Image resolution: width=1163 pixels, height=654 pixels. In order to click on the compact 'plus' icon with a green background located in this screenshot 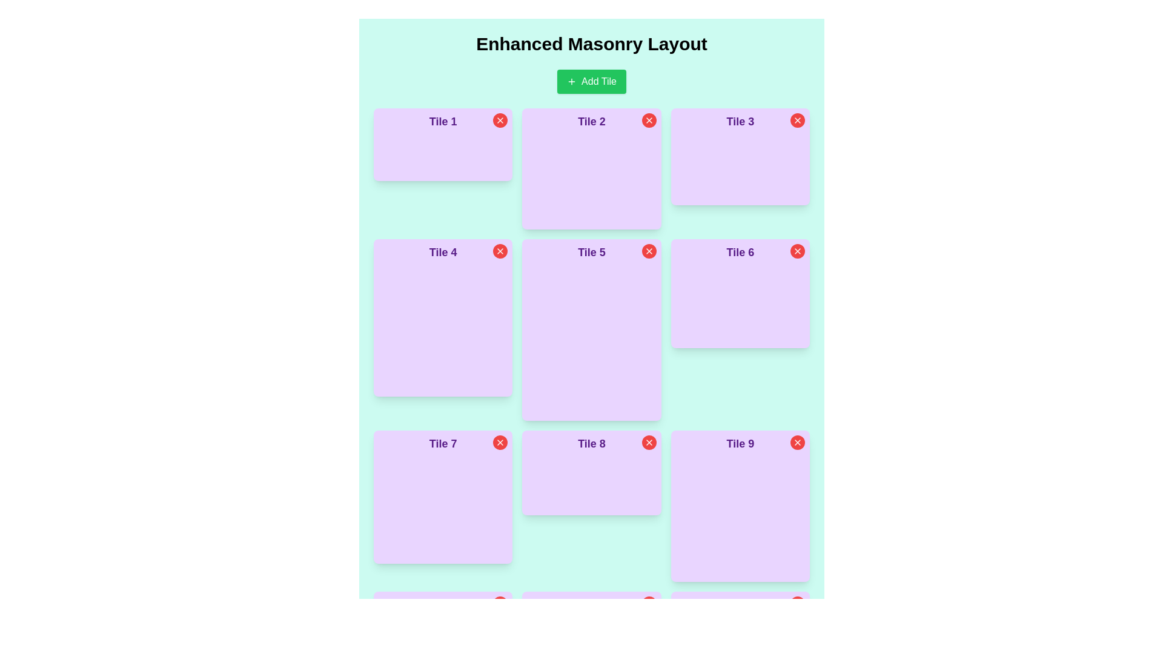, I will do `click(571, 82)`.